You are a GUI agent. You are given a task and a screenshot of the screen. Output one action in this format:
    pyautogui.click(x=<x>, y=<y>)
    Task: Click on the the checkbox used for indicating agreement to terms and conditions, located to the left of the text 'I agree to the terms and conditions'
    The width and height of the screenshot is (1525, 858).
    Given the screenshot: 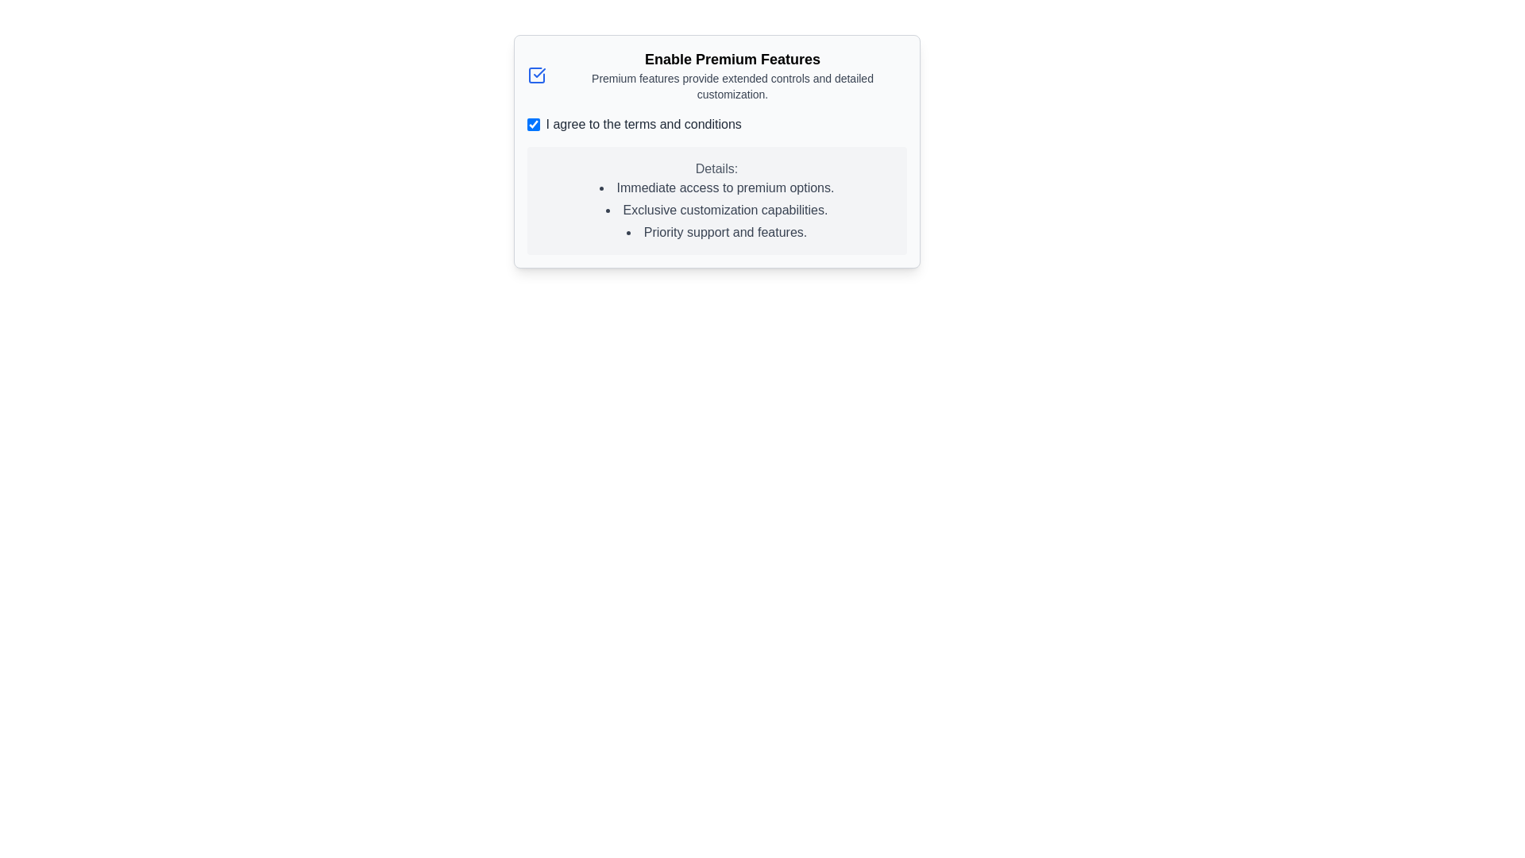 What is the action you would take?
    pyautogui.click(x=533, y=124)
    